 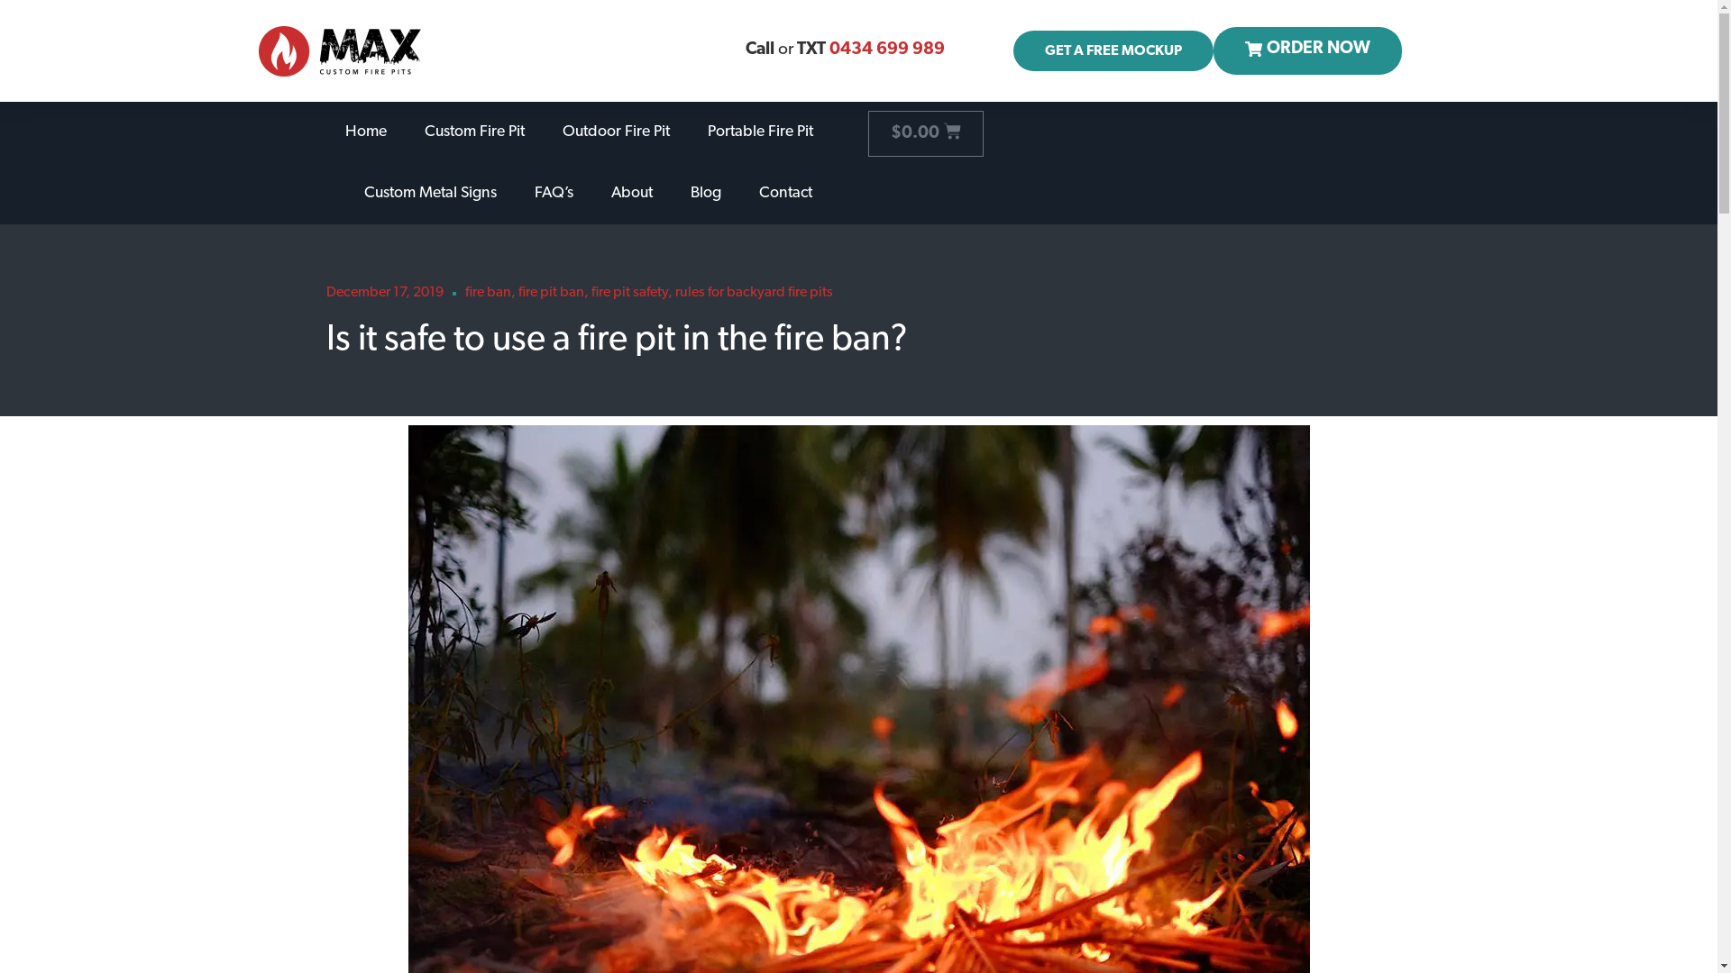 I want to click on 'fire pit ban', so click(x=550, y=291).